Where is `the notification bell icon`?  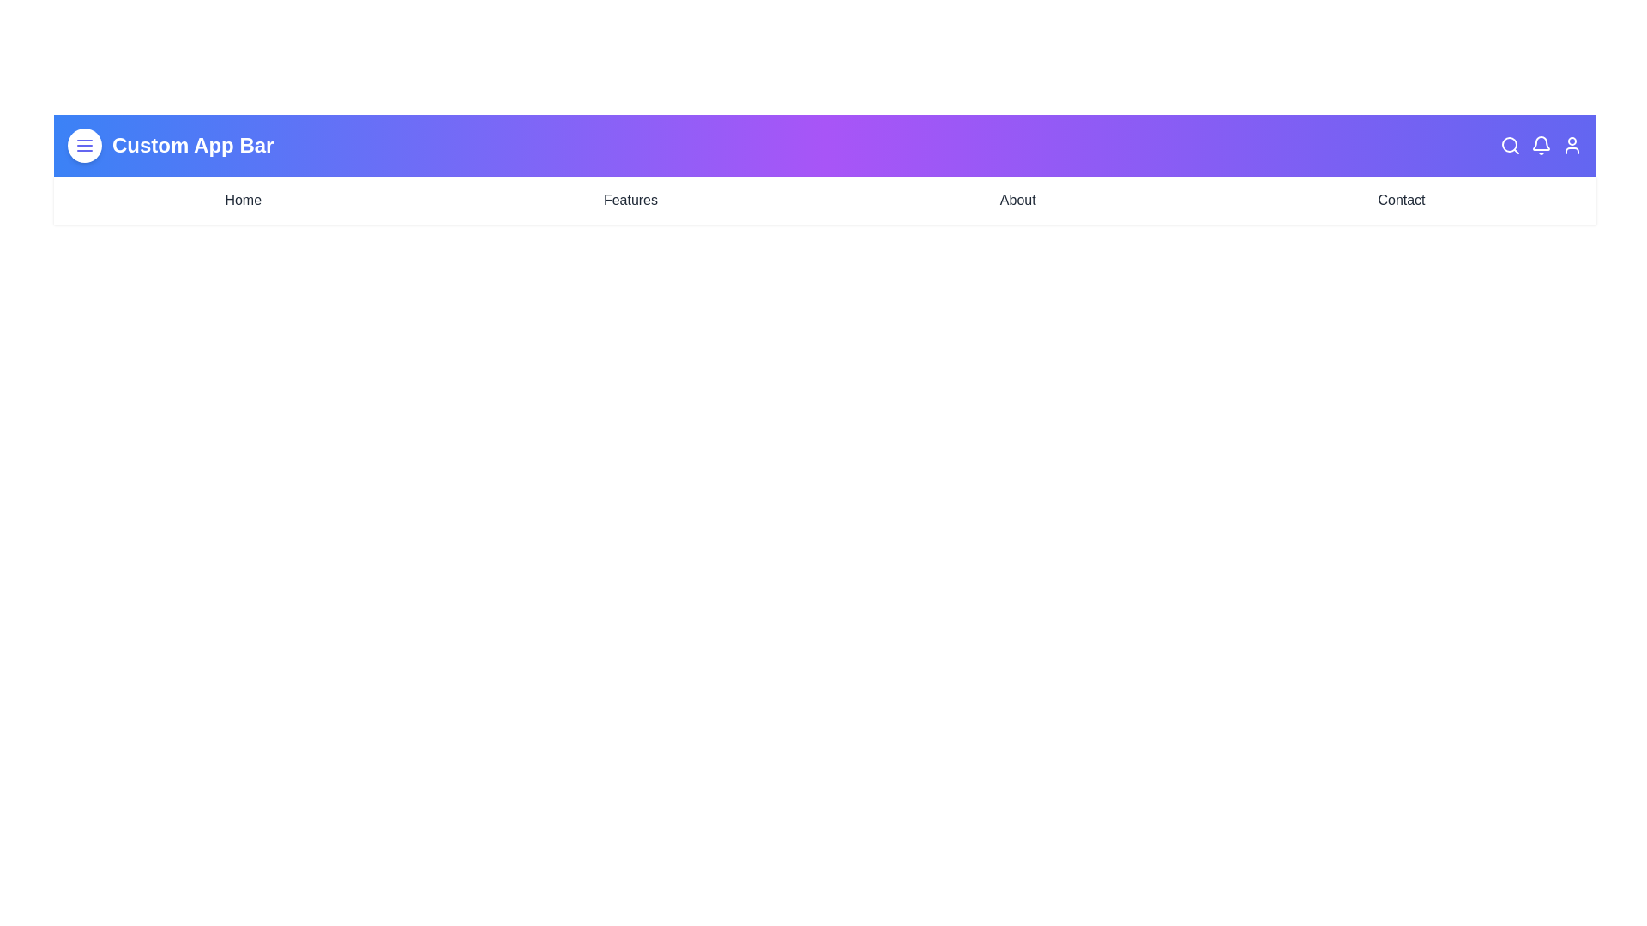 the notification bell icon is located at coordinates (1541, 144).